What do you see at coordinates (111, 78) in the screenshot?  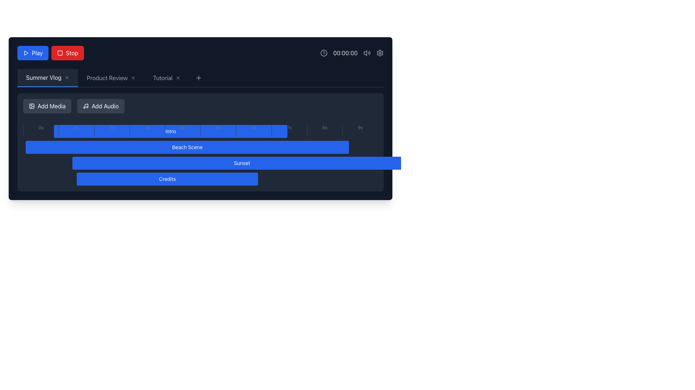 I see `the 'Product Review' tab in the horizontal tab menu` at bounding box center [111, 78].